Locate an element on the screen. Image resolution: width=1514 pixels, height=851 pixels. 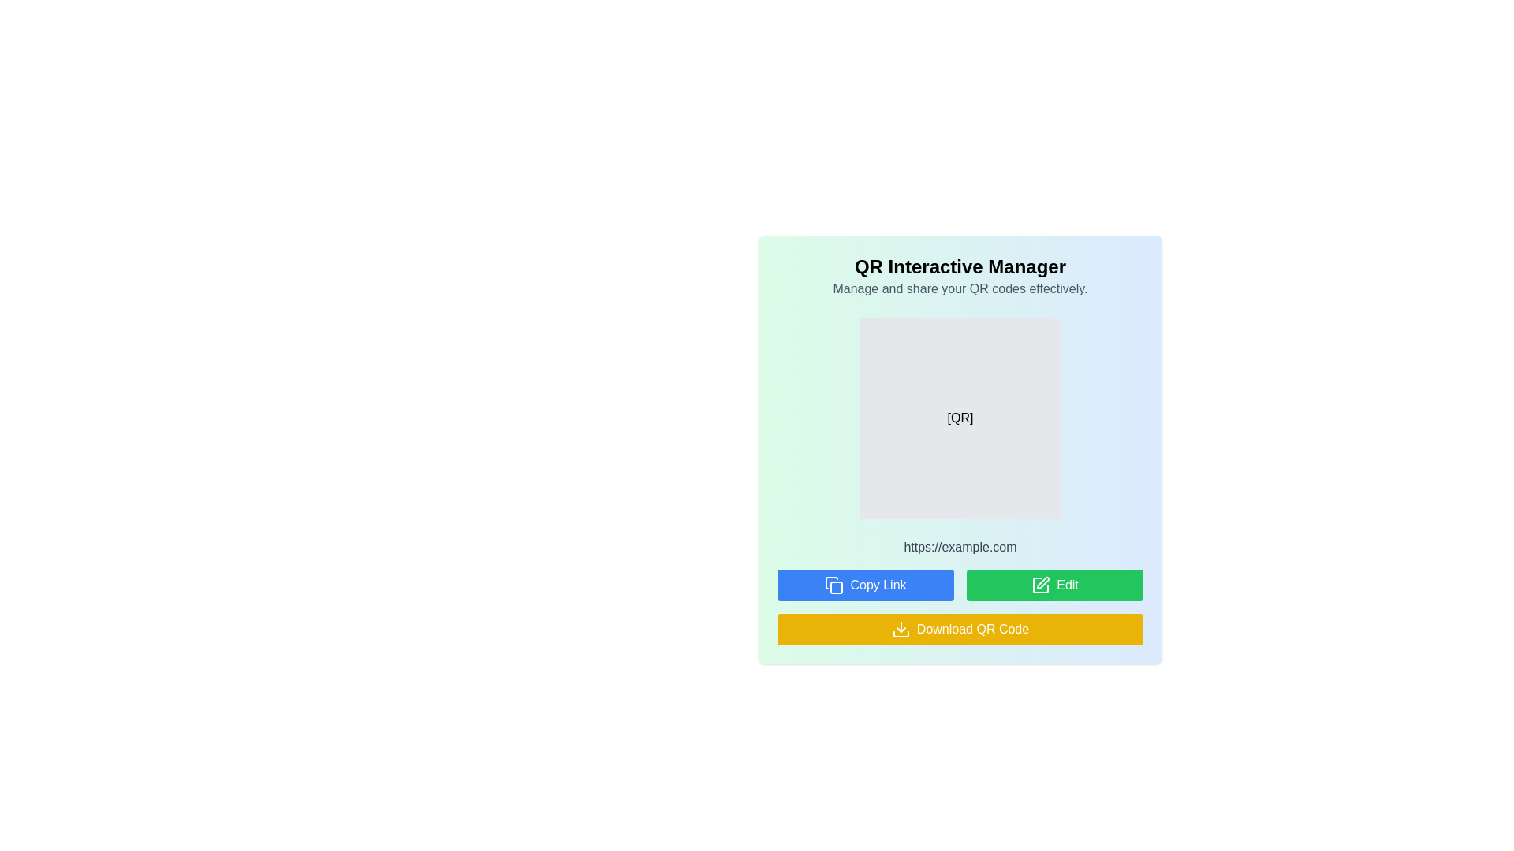
the instructional text label located directly beneath the title 'QR Interactive Manager' at the top-center area of the interface is located at coordinates (960, 288).